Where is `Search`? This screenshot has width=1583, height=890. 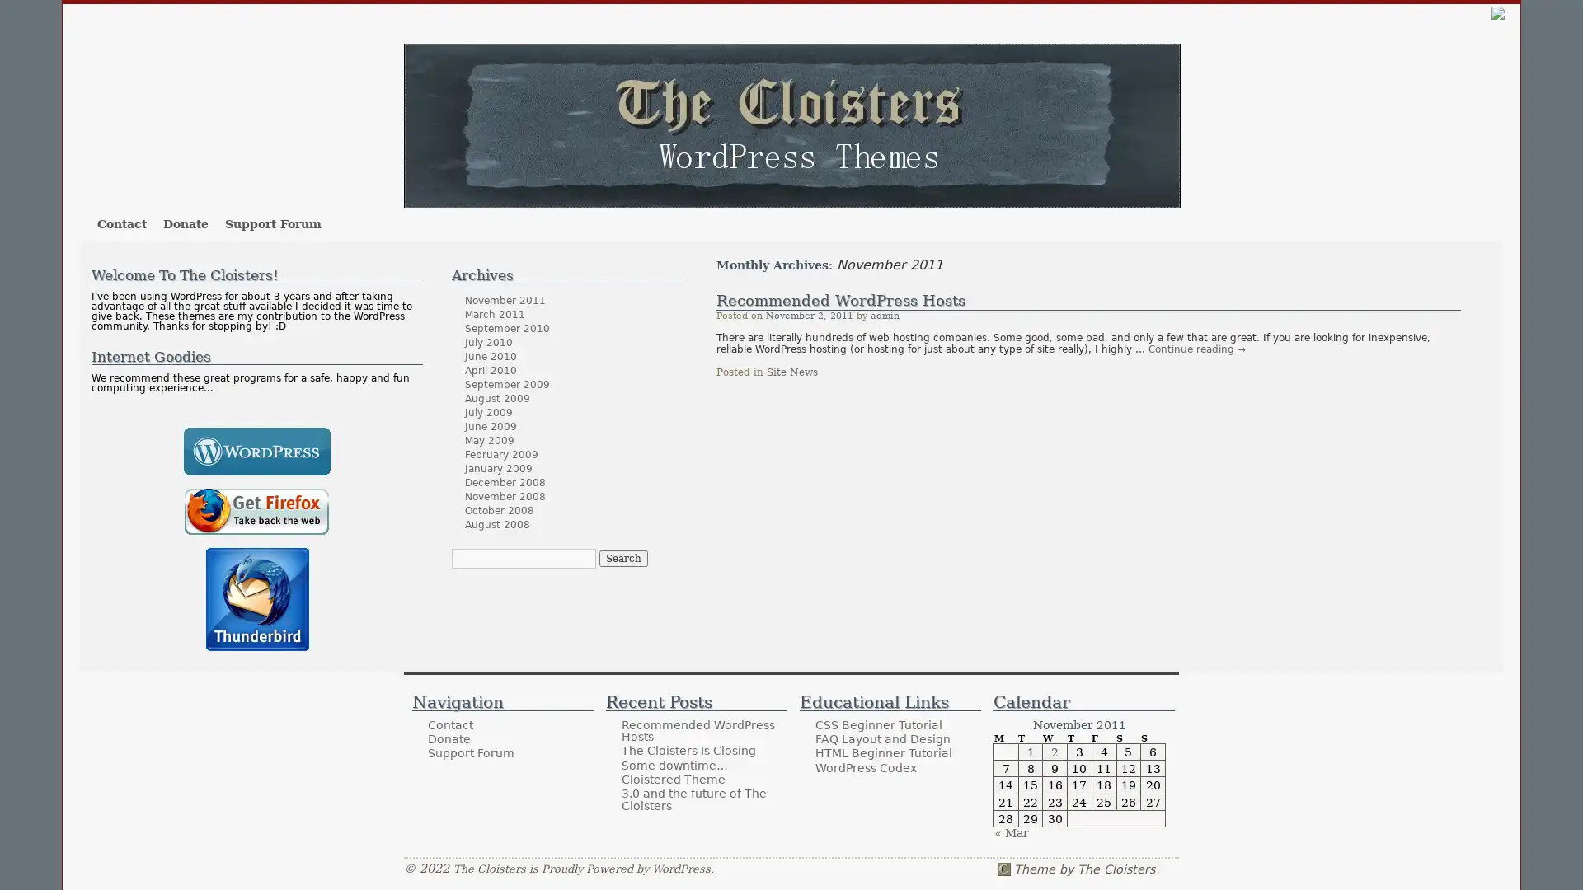
Search is located at coordinates (622, 557).